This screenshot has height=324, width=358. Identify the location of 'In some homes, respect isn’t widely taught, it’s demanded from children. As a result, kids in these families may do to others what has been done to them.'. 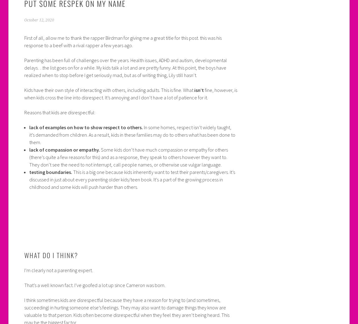
(132, 134).